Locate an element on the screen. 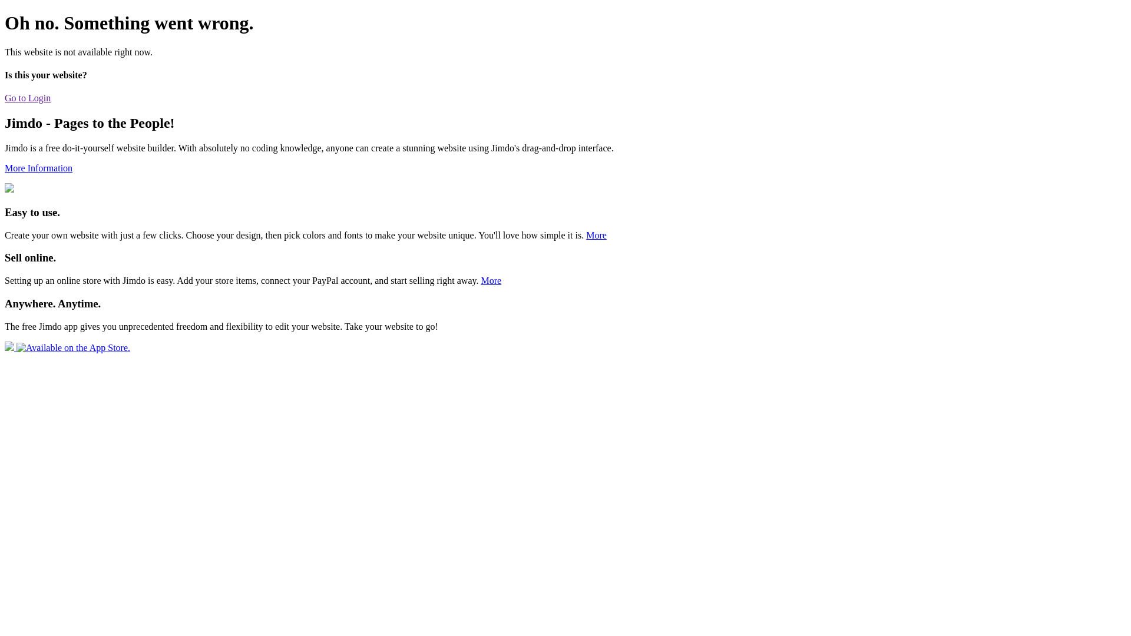 This screenshot has height=636, width=1131. 'More' is located at coordinates (596, 235).